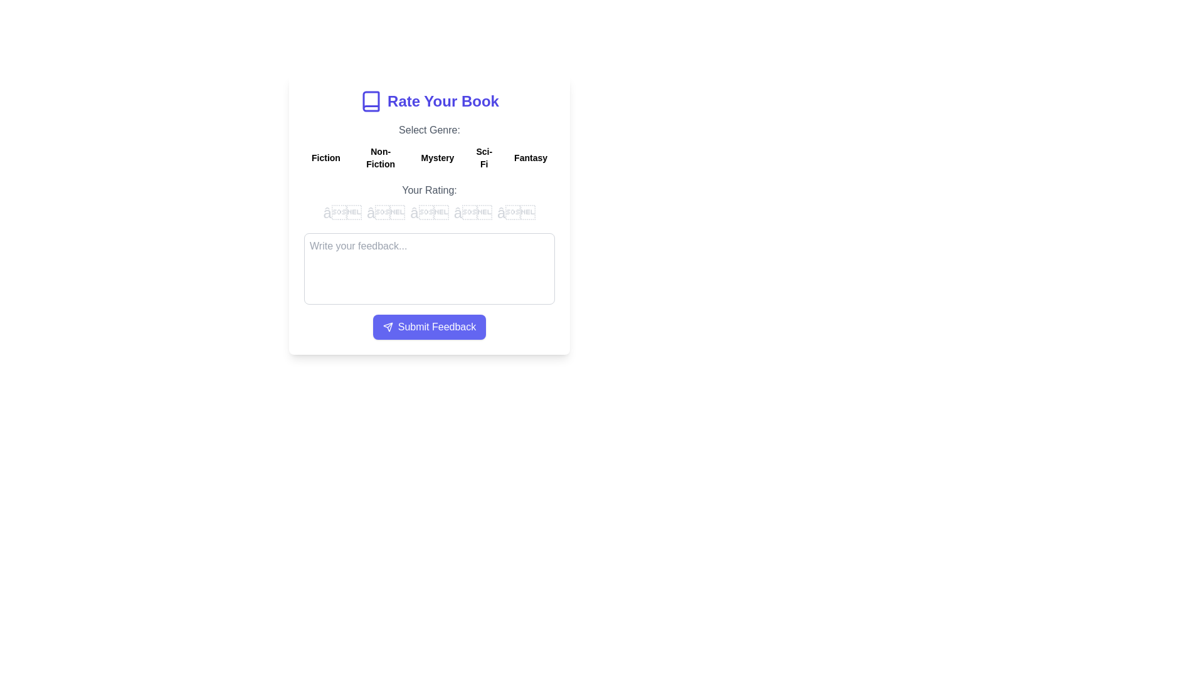  I want to click on the triangular 'send' icon located in the bottom-right corner of the interface area, so click(387, 326).